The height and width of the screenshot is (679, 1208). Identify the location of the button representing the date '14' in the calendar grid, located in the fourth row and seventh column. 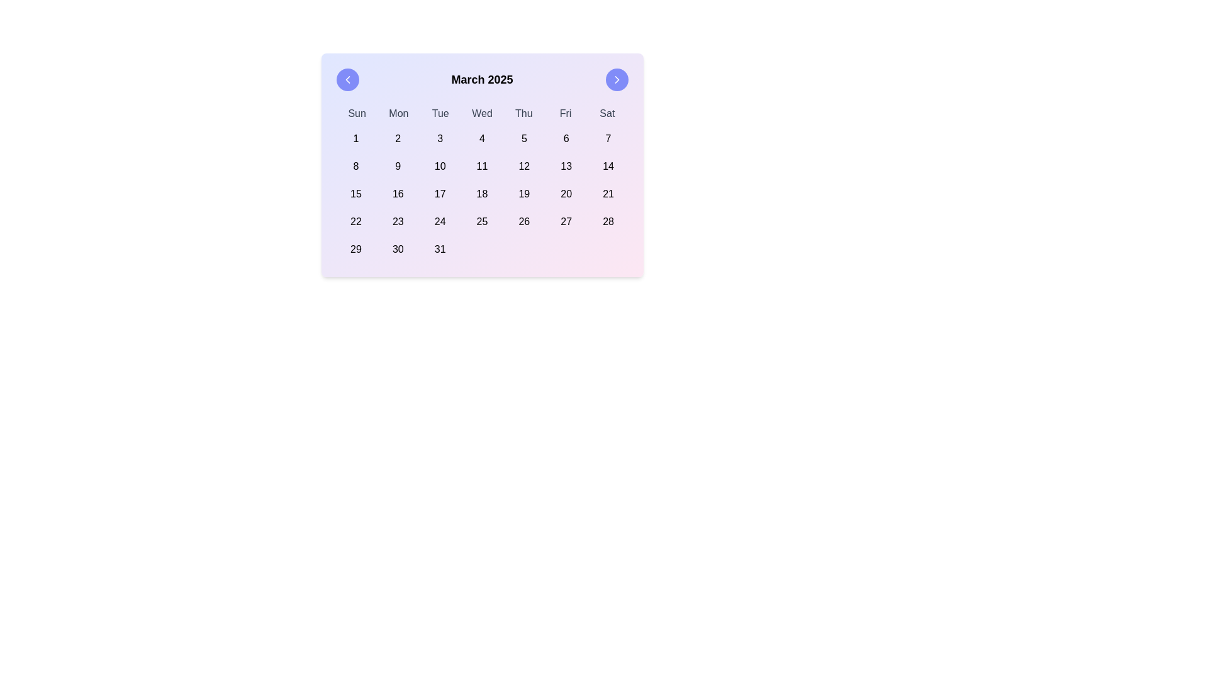
(608, 166).